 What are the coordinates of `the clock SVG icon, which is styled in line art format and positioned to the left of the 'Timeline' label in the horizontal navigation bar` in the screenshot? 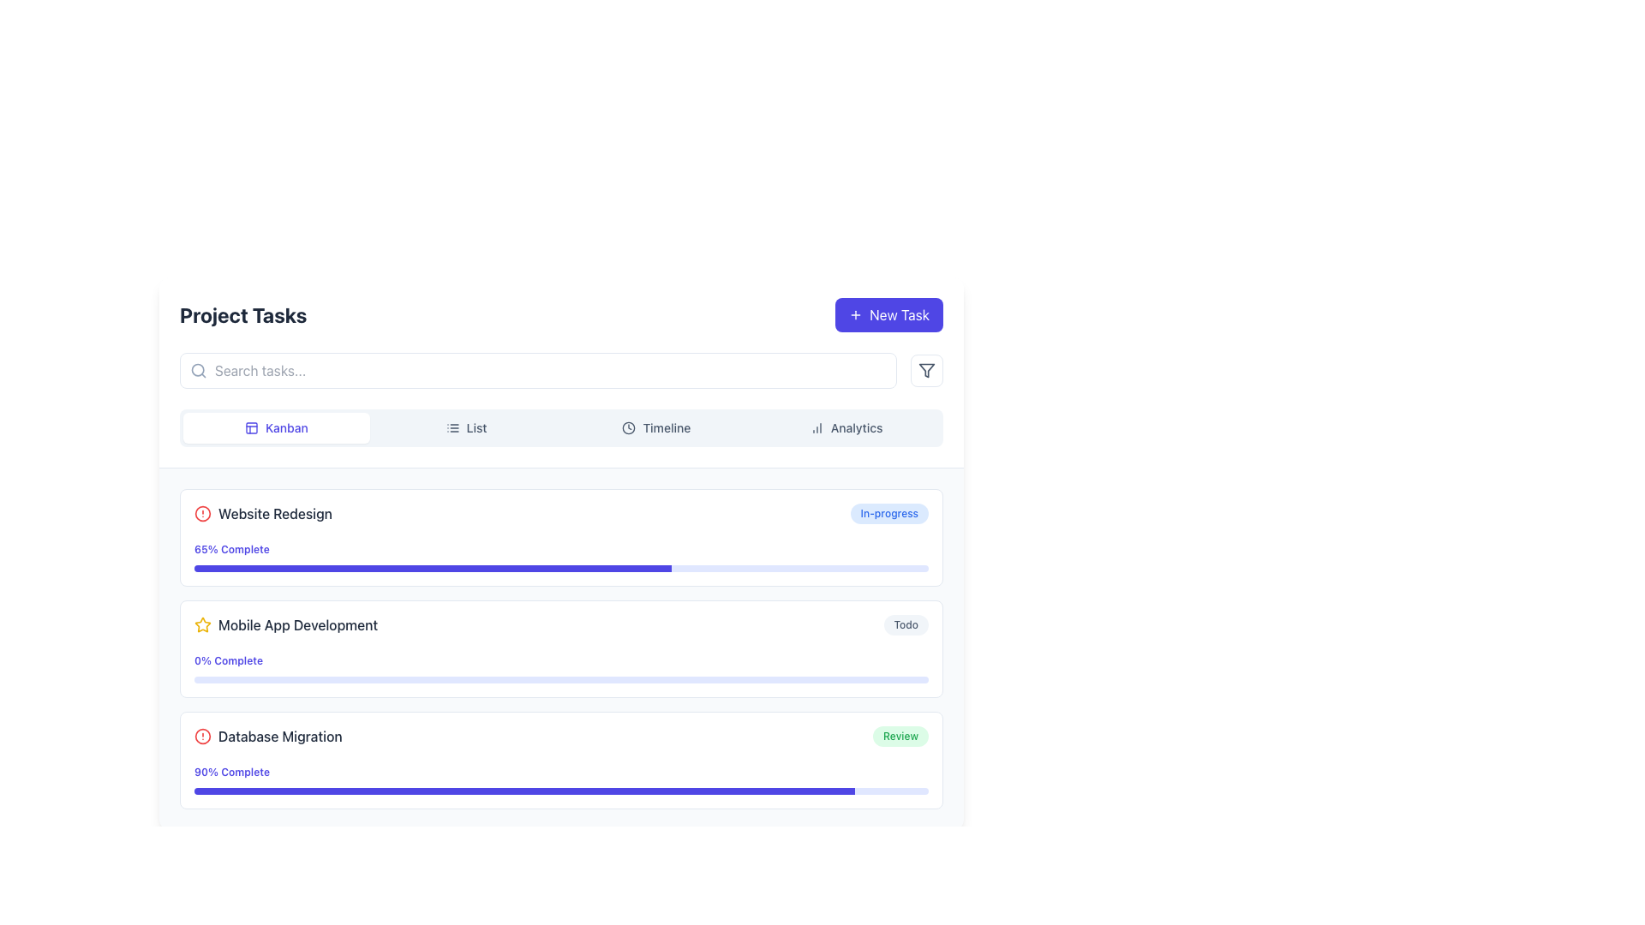 It's located at (628, 427).